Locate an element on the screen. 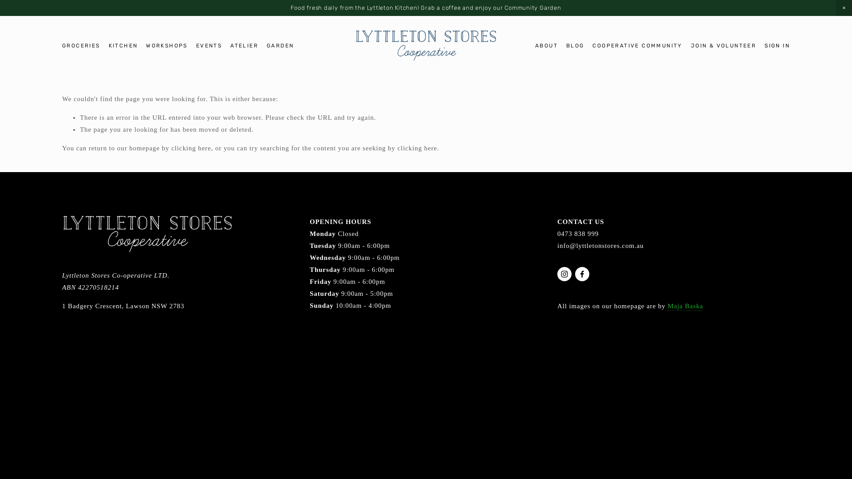  'Maja Baska' is located at coordinates (685, 306).